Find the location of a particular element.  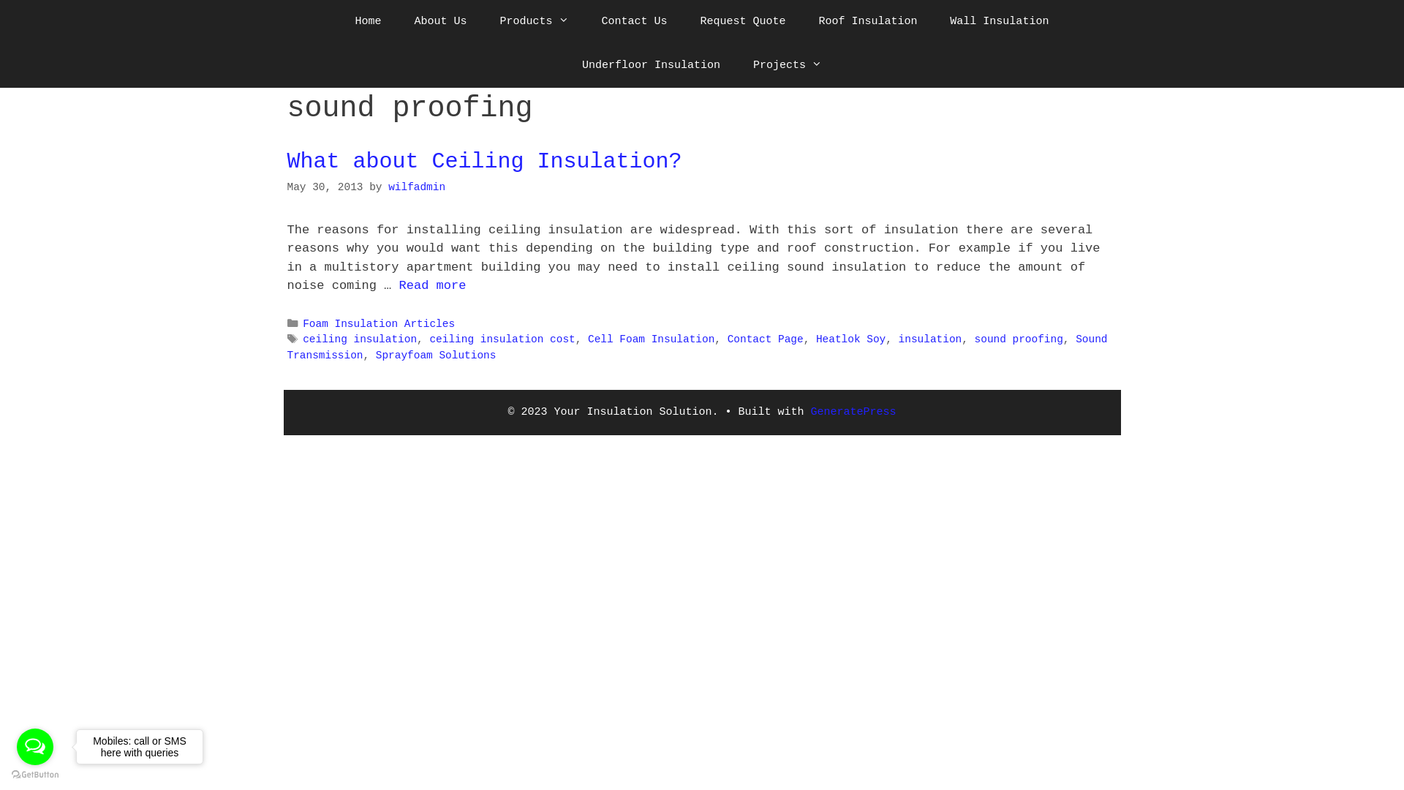

'Sound Transmission' is located at coordinates (696, 347).